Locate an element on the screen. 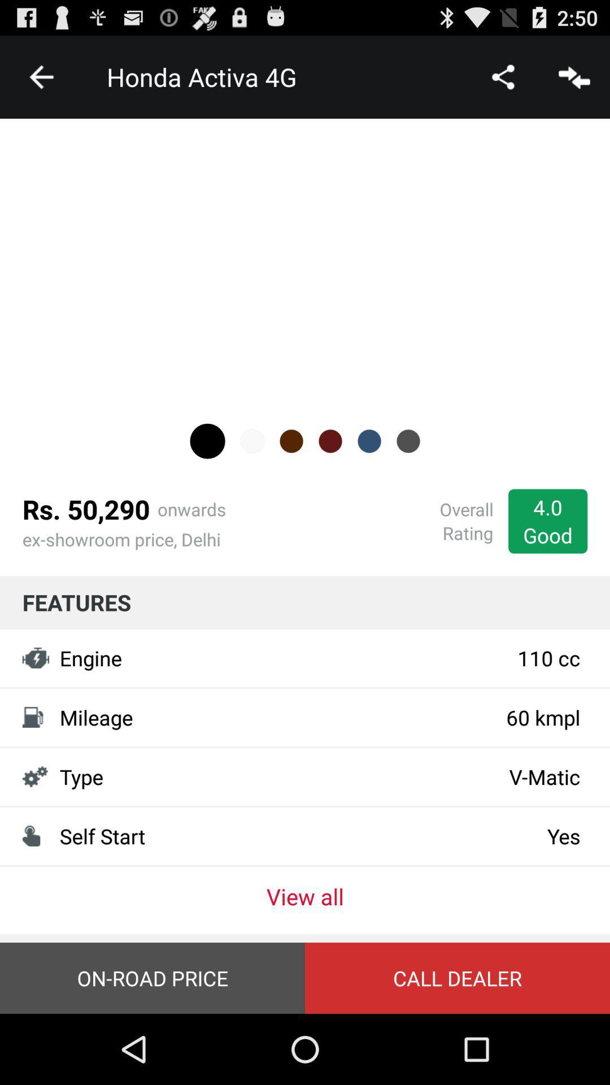  the avatar icon is located at coordinates (207, 472).